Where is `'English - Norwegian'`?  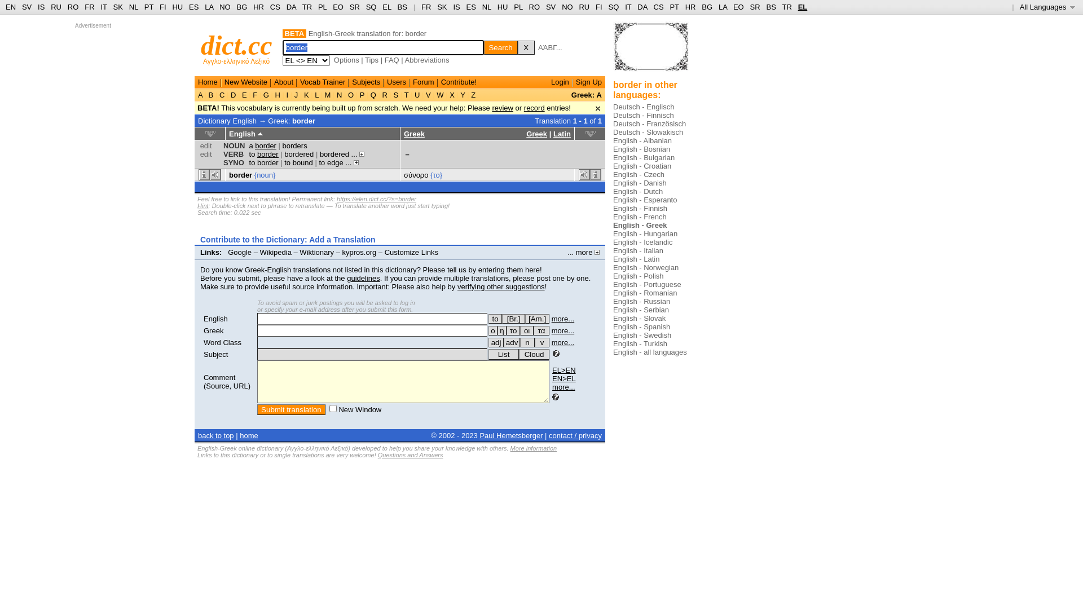
'English - Norwegian' is located at coordinates (646, 267).